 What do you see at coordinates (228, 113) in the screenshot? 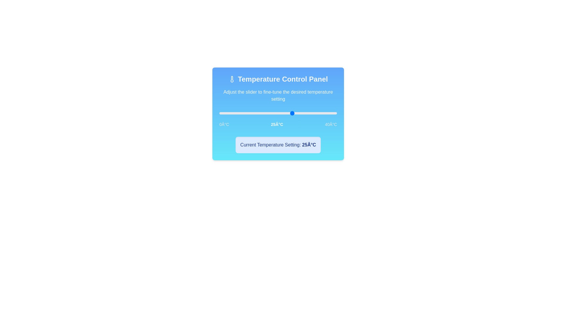
I see `the temperature to 3°C by clicking on the slider track` at bounding box center [228, 113].